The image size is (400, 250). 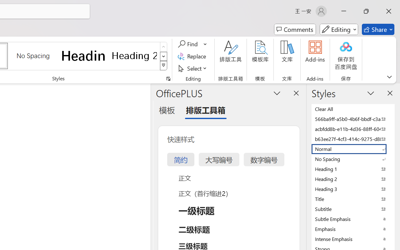 I want to click on 'Subtle Emphasis', so click(x=353, y=219).